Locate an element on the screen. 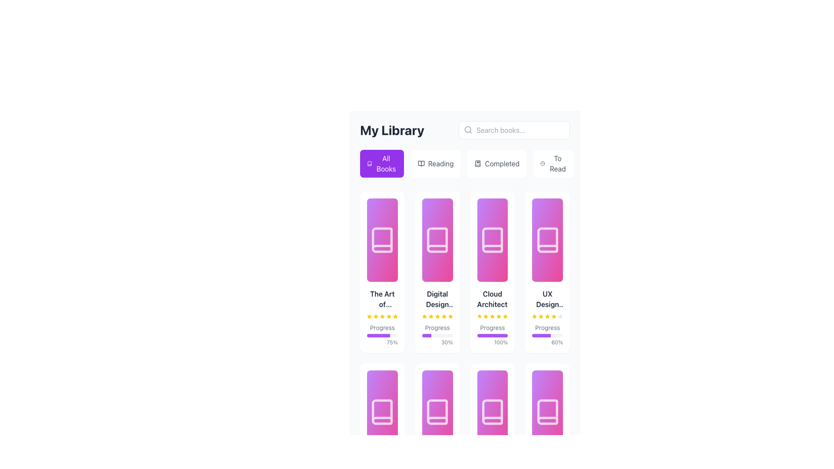  the Content card component in the 'My Library' section is located at coordinates (547, 317).